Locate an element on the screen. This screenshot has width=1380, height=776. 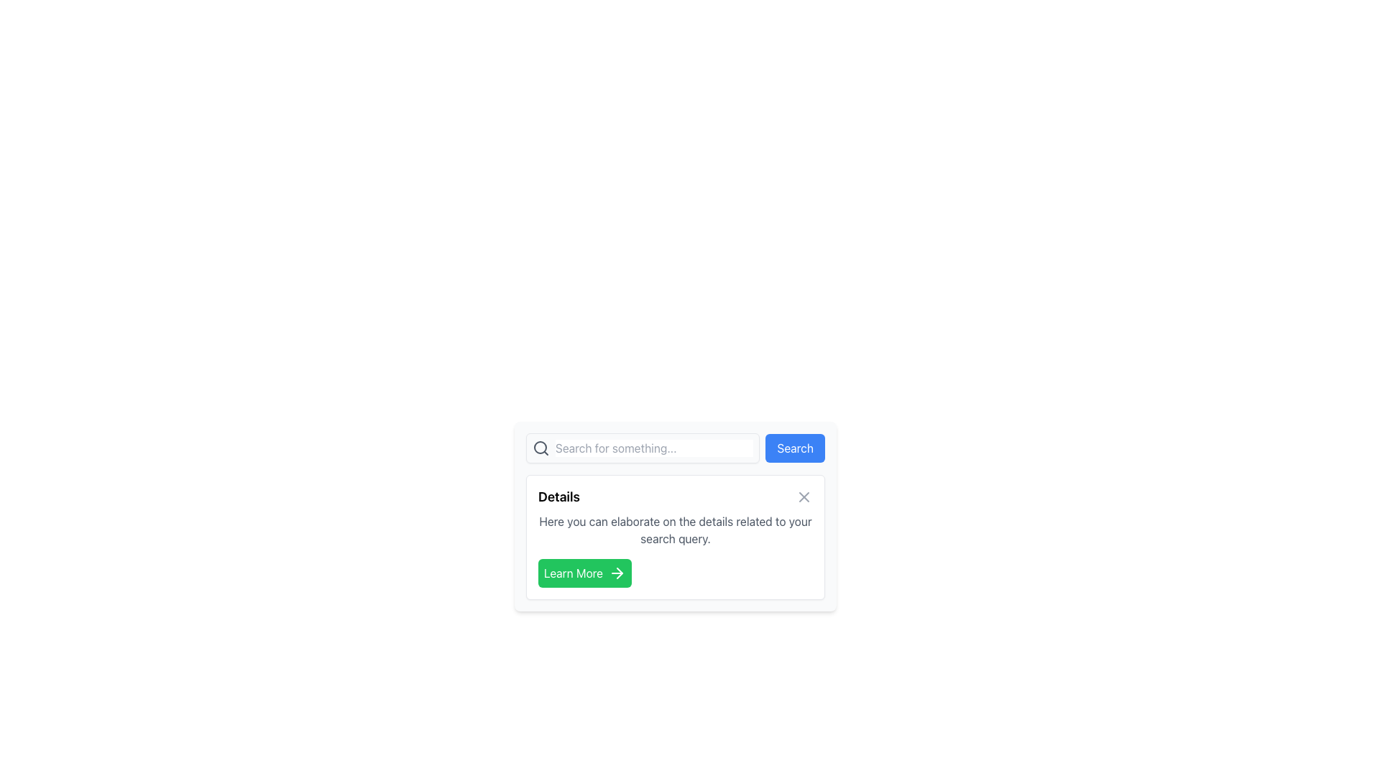
the close button located at the far right side of the 'Details' section to change its color is located at coordinates (803, 496).